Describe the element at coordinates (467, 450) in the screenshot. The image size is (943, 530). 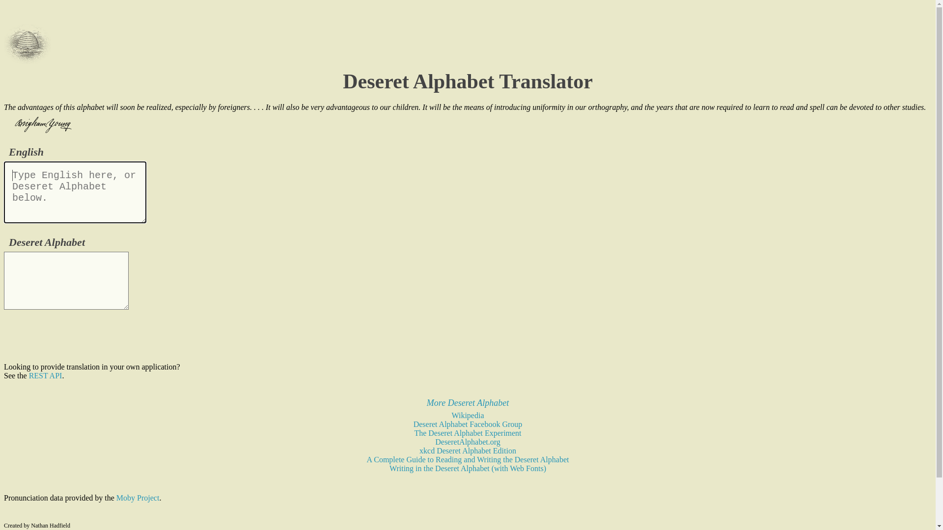
I see `'xkcd Deseret Alphabet Edition'` at that location.